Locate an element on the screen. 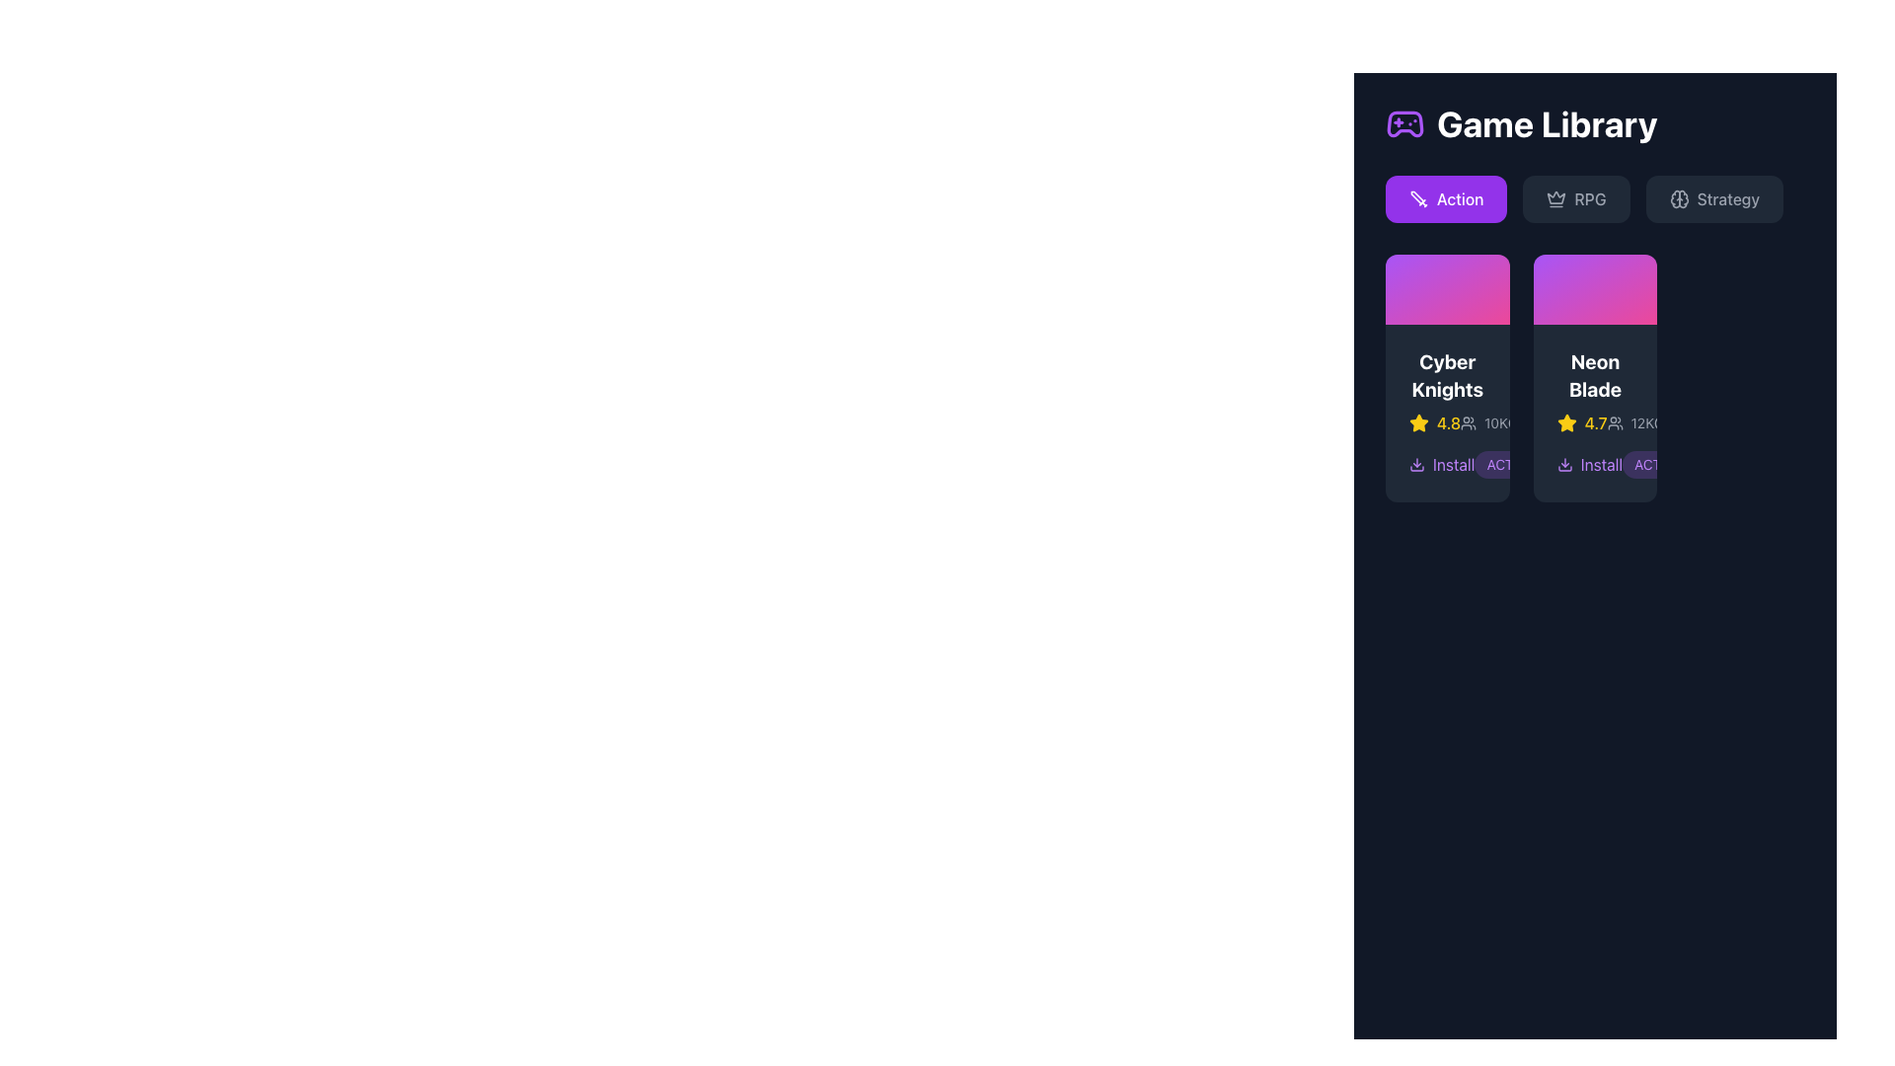 This screenshot has width=1895, height=1066. the 'RPG' category selection button located between the 'Action' button on the left and the 'Strategy' button on the right under the 'Game Library' header is located at coordinates (1575, 198).